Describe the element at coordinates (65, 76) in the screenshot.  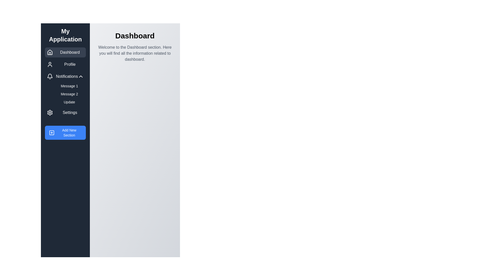
I see `the button for toggling the menu or displaying notifications, located in the sidebar between 'Profile' and 'Message 1'` at that location.